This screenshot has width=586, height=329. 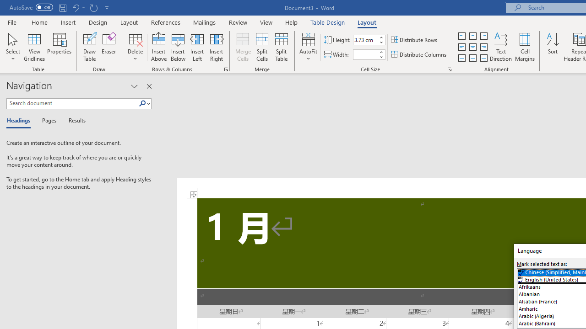 What do you see at coordinates (381, 57) in the screenshot?
I see `'Less'` at bounding box center [381, 57].